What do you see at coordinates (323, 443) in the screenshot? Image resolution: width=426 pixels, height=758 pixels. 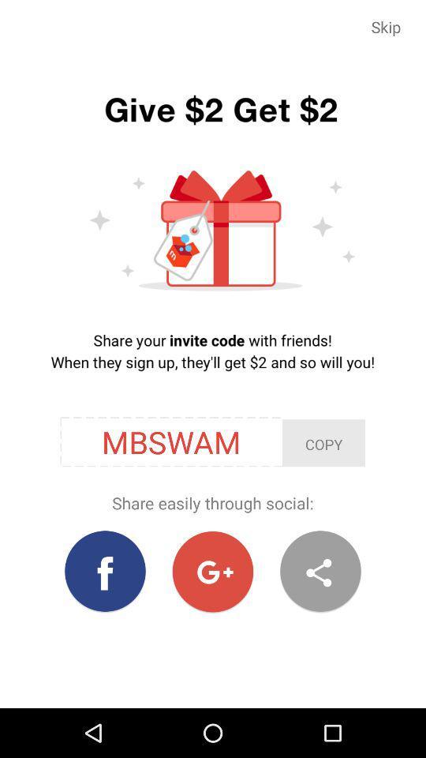 I see `copy icon` at bounding box center [323, 443].